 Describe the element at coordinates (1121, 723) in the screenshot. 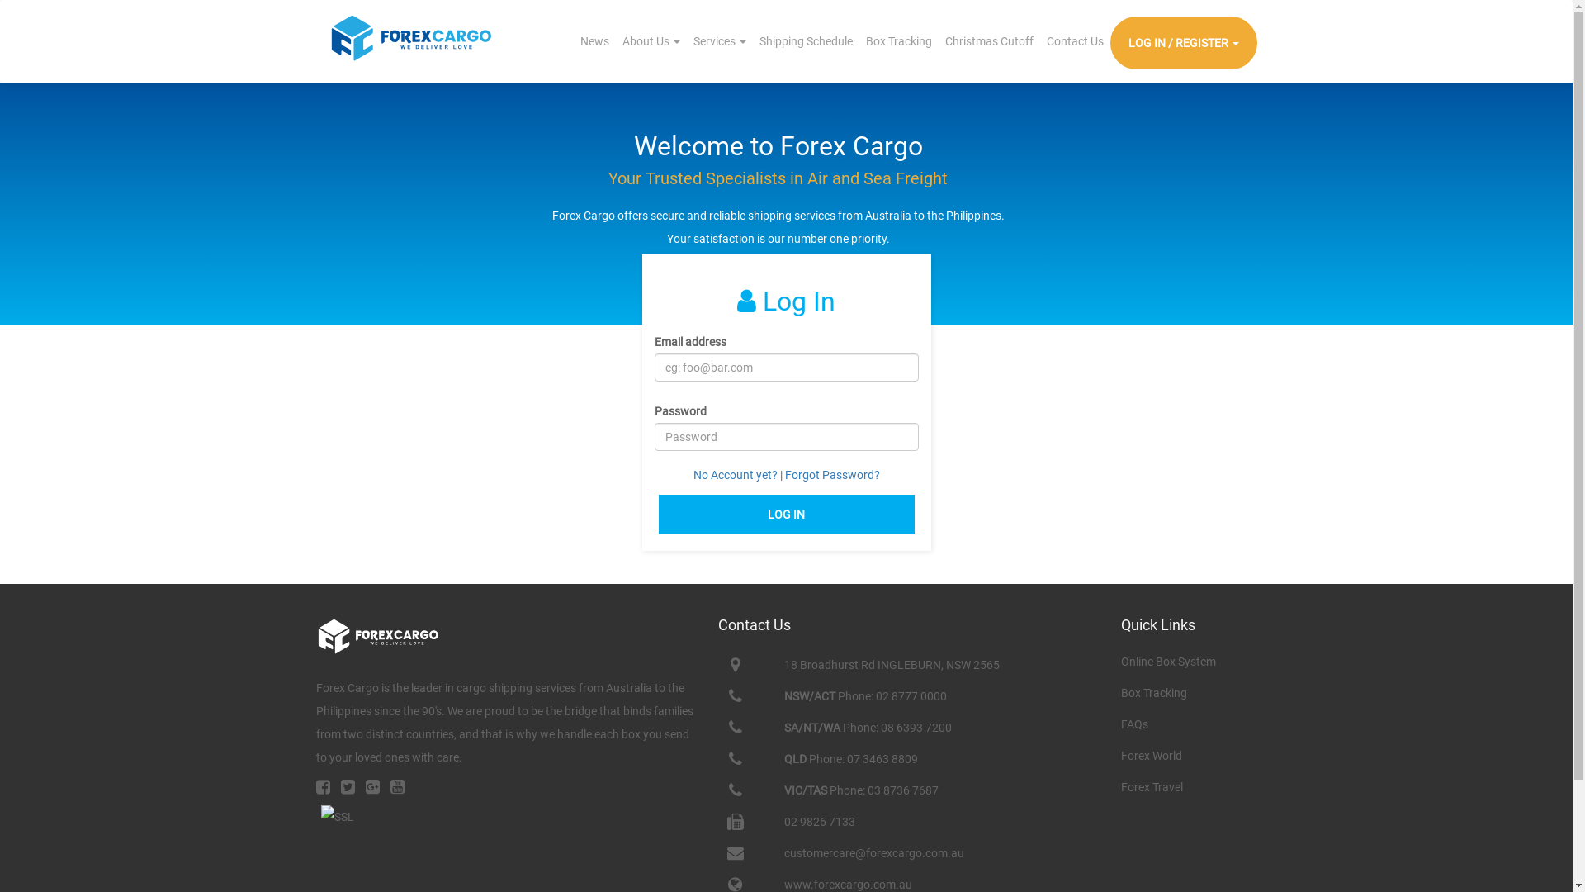

I see `'FAQs'` at that location.